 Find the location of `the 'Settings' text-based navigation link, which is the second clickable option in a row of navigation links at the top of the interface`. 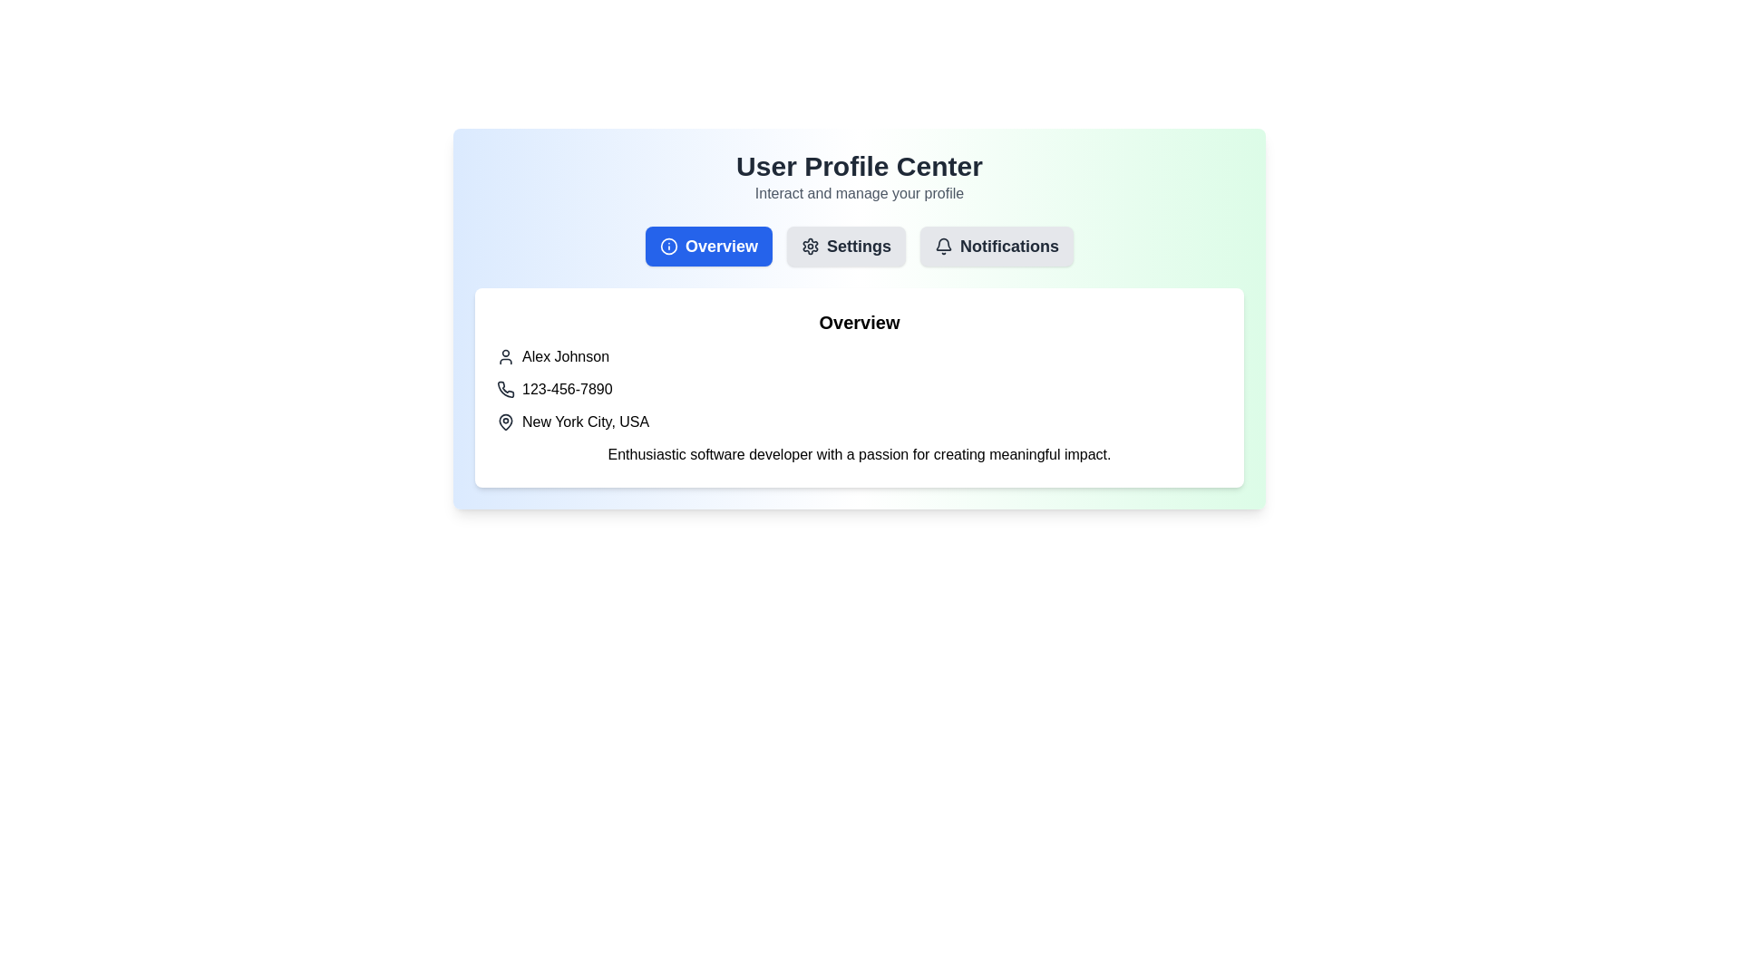

the 'Settings' text-based navigation link, which is the second clickable option in a row of navigation links at the top of the interface is located at coordinates (858, 247).